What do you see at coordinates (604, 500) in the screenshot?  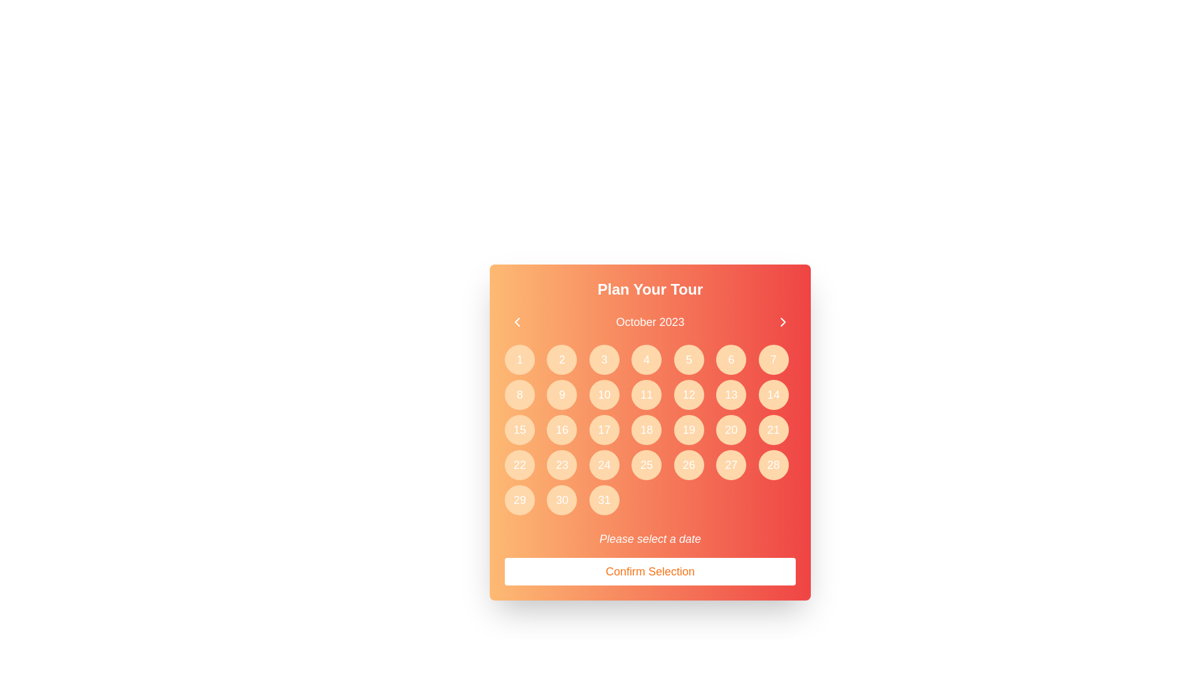 I see `the circular button with light yellow background and white text displaying '31'` at bounding box center [604, 500].